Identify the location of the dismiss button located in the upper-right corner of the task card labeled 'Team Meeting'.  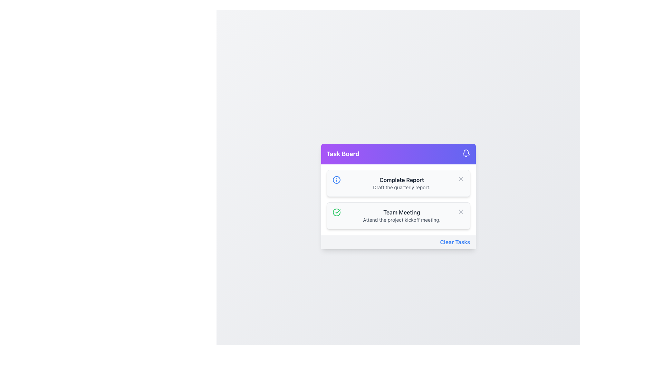
(461, 211).